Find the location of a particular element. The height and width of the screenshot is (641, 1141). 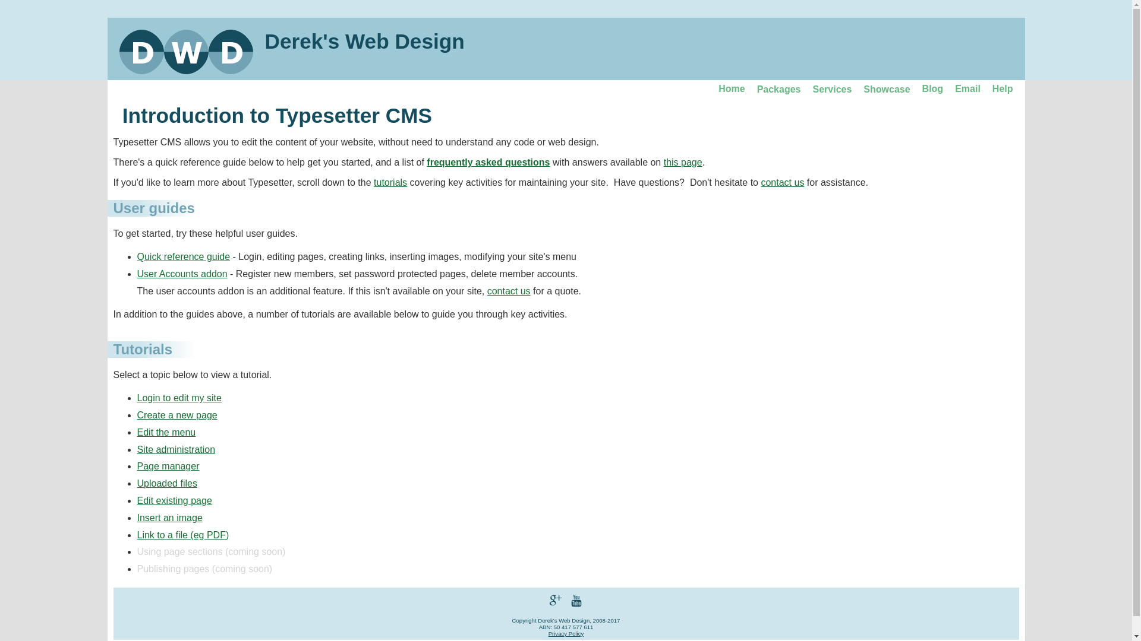

'Home' is located at coordinates (730, 88).